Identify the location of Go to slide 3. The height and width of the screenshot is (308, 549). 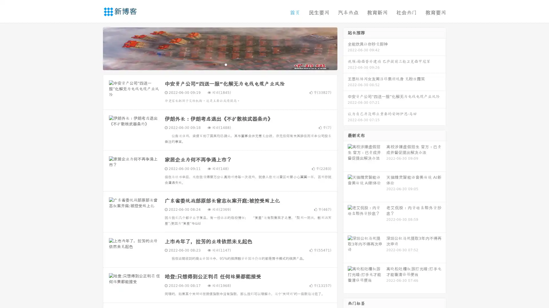
(226, 64).